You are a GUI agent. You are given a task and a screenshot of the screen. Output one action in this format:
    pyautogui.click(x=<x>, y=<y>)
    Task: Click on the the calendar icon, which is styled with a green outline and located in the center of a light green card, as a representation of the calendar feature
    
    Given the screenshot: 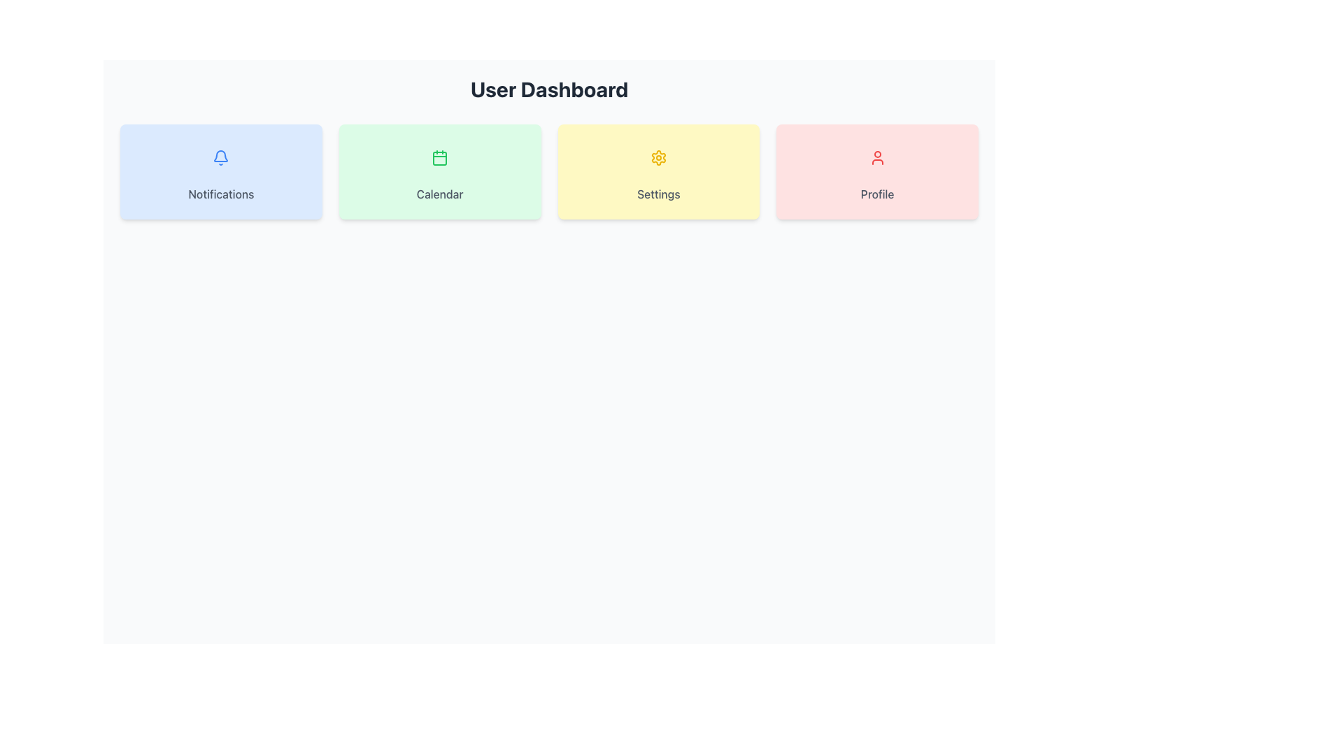 What is the action you would take?
    pyautogui.click(x=439, y=157)
    